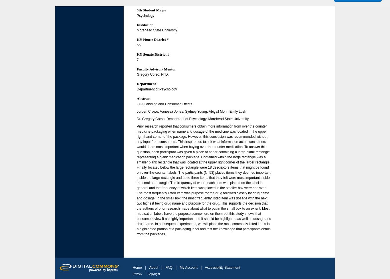 Image resolution: width=390 pixels, height=279 pixels. I want to click on 'Home', so click(137, 267).